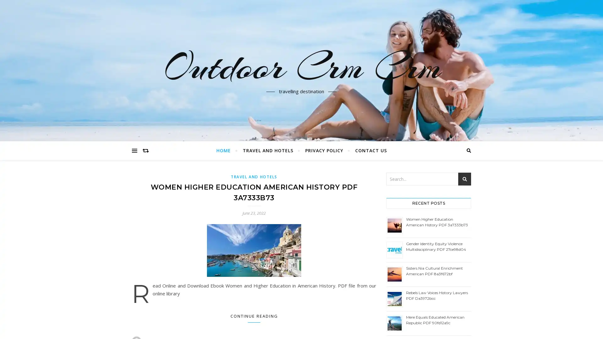 Image resolution: width=603 pixels, height=339 pixels. I want to click on st, so click(464, 179).